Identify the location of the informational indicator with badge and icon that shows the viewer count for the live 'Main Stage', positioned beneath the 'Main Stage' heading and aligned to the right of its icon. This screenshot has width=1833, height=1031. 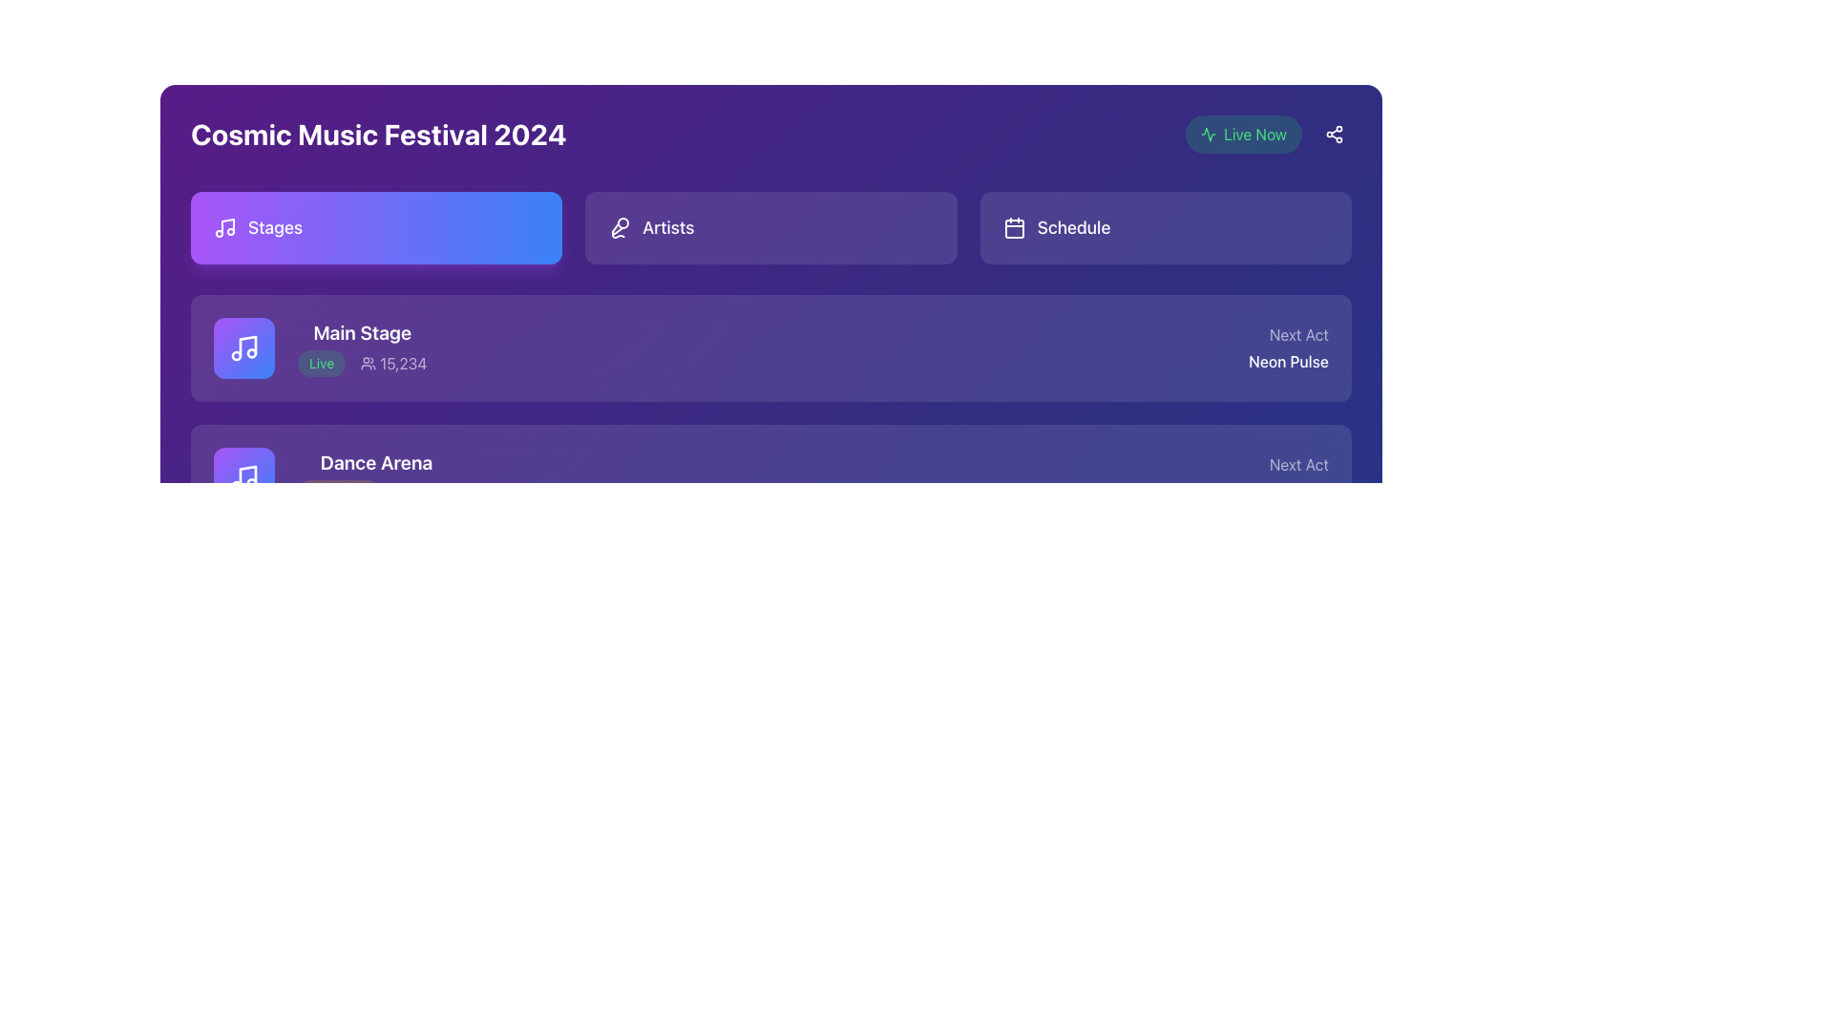
(362, 364).